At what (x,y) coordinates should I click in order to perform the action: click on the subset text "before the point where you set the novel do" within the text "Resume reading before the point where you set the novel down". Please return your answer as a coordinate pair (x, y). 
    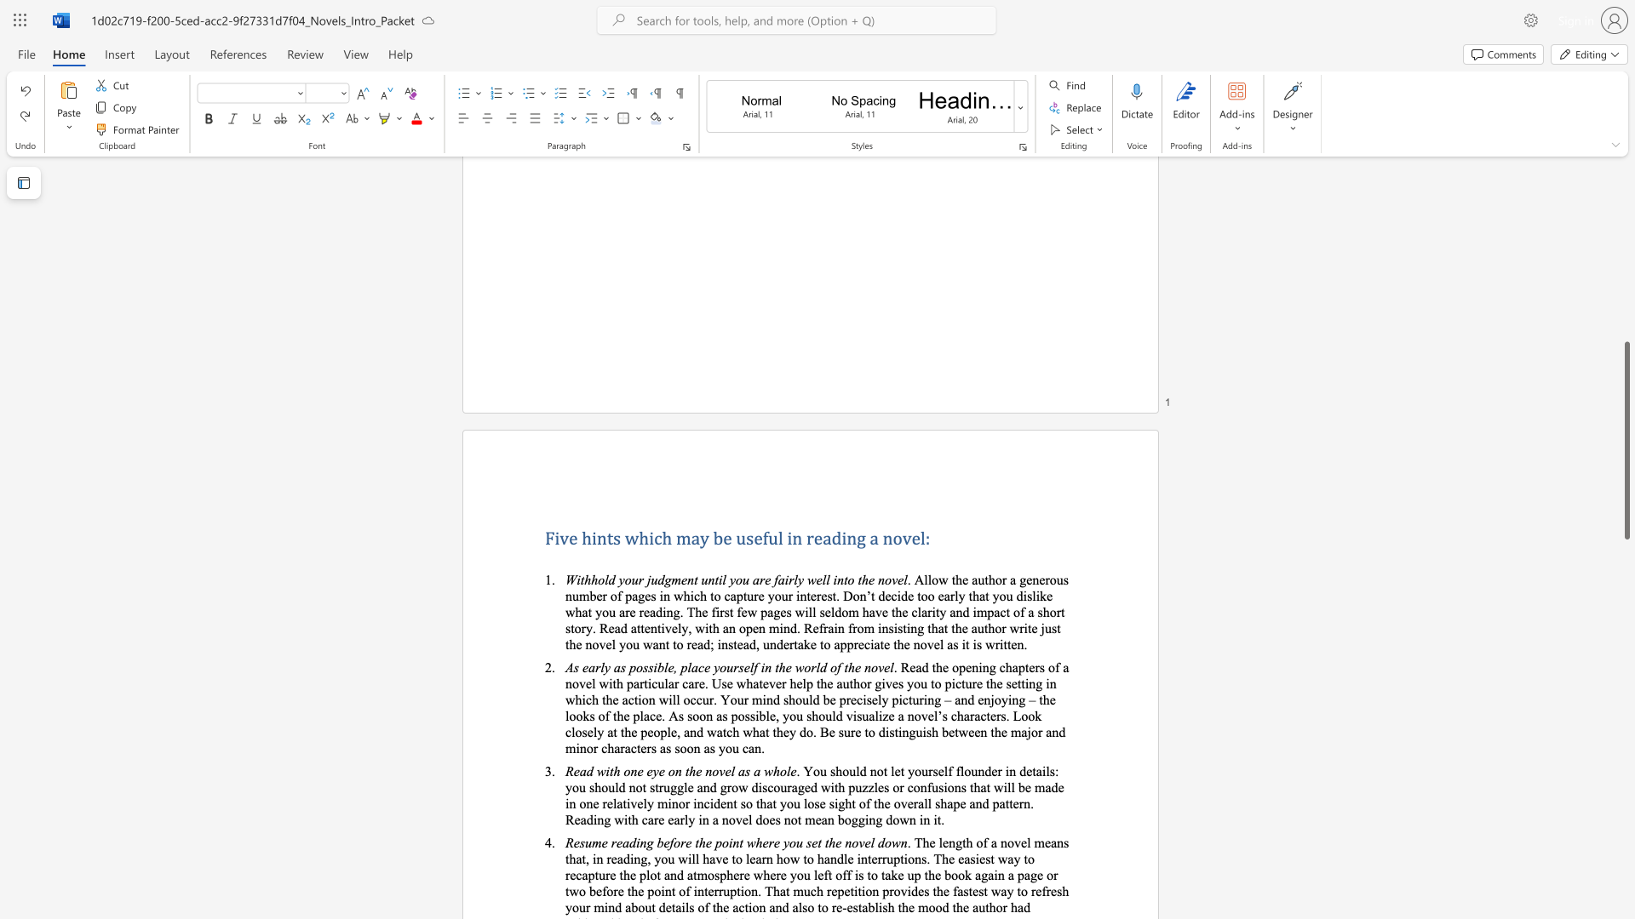
    Looking at the image, I should click on (656, 842).